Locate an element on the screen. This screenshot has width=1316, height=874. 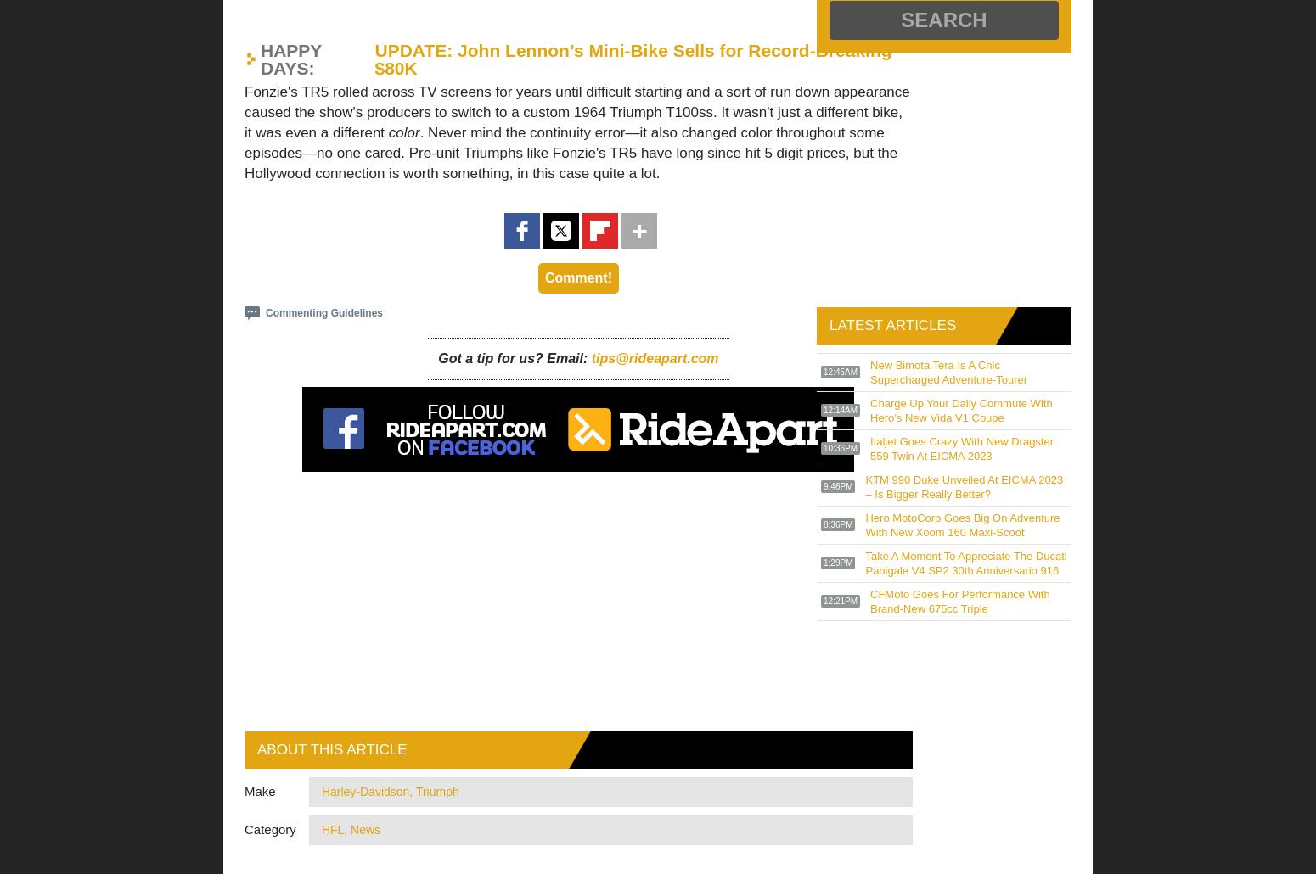
'About this article' is located at coordinates (332, 748).